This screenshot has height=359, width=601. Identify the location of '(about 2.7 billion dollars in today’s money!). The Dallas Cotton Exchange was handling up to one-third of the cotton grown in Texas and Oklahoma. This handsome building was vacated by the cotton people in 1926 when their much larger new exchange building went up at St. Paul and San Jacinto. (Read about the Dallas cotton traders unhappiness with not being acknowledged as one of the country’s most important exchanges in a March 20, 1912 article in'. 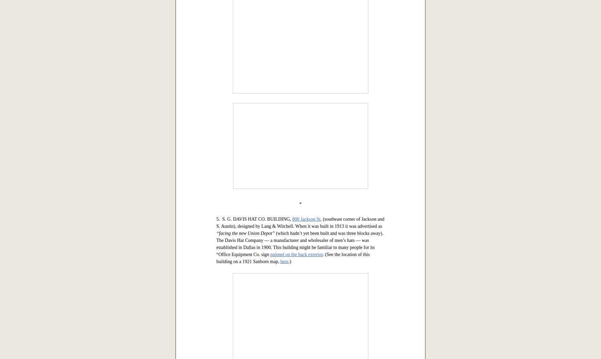
(299, 143).